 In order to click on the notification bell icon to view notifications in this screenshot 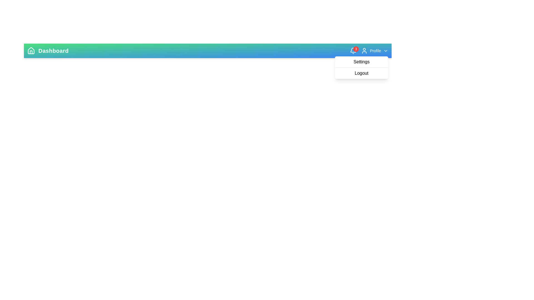, I will do `click(353, 51)`.